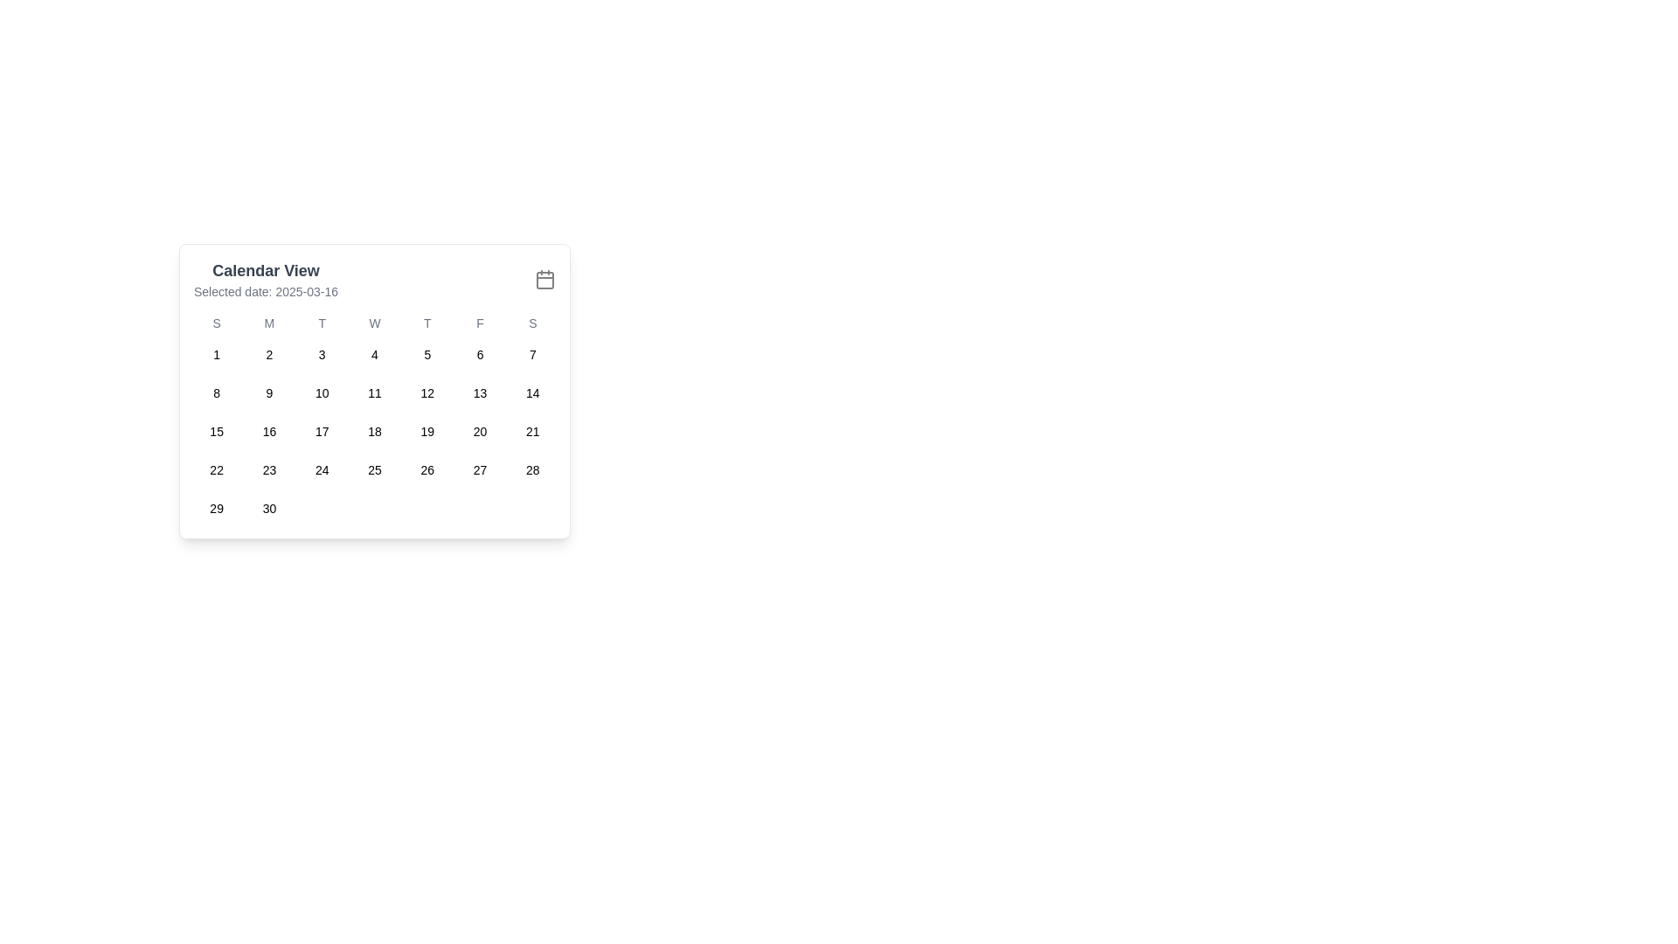 The width and height of the screenshot is (1678, 944). What do you see at coordinates (265, 291) in the screenshot?
I see `the text label displaying 'Selected date: 2025-03-16' located below the 'Calendar View' heading in the calendar widget` at bounding box center [265, 291].